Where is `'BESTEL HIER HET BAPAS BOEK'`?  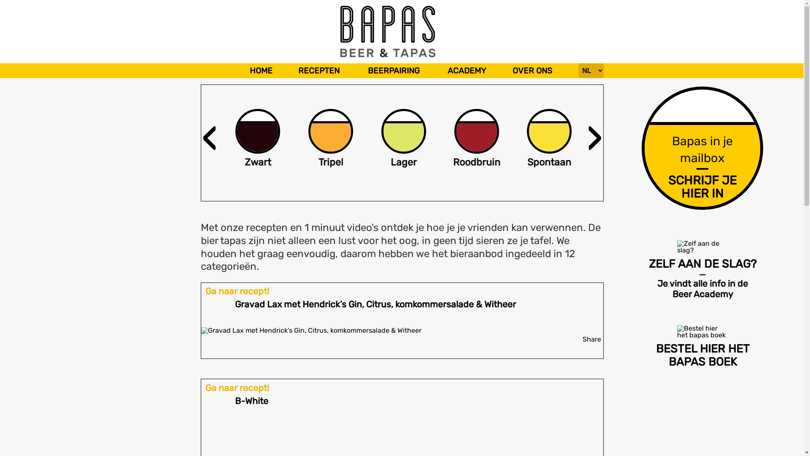
'BESTEL HIER HET BAPAS BOEK' is located at coordinates (707, 345).